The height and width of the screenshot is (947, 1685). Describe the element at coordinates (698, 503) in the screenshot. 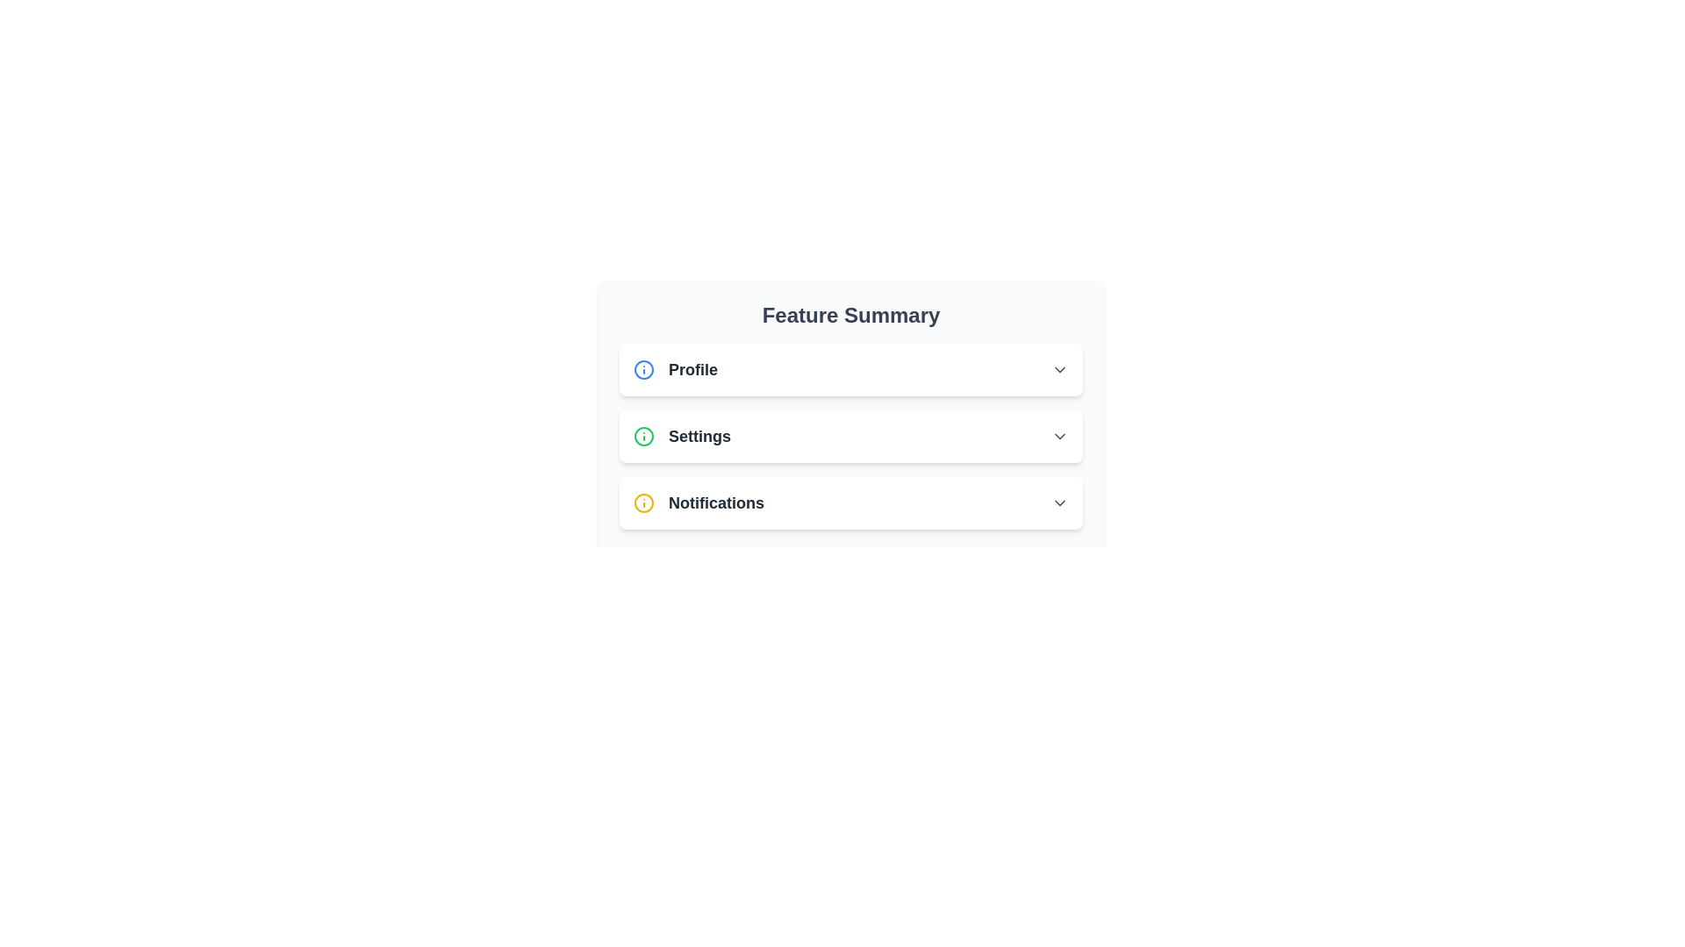

I see `the third labeled option entry related to notification settings located under the 'Feature Summary' section` at that location.